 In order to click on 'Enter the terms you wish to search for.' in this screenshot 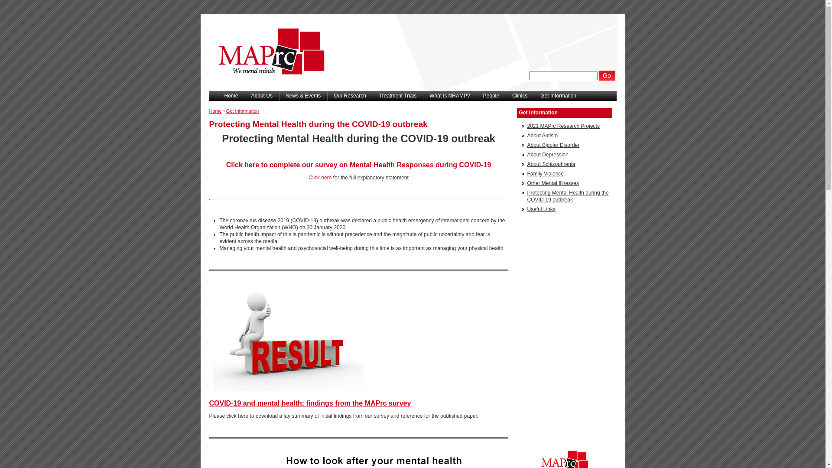, I will do `click(528, 75)`.